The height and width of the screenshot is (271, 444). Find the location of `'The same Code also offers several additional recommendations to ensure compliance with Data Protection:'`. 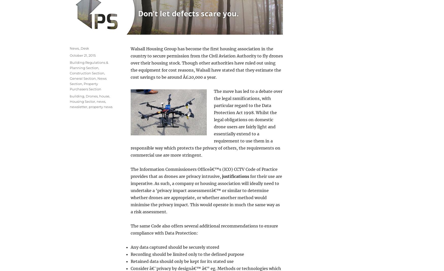

'The same Code also offers several additional recommendations to ensure compliance with Data Protection:' is located at coordinates (204, 229).